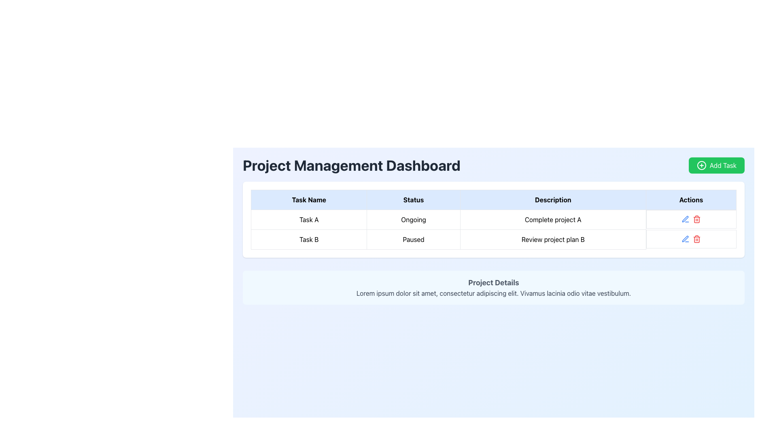  I want to click on the edit icon button represented as a pen in blue color located in the 'Actions' column of the second row of the table, so click(685, 219).